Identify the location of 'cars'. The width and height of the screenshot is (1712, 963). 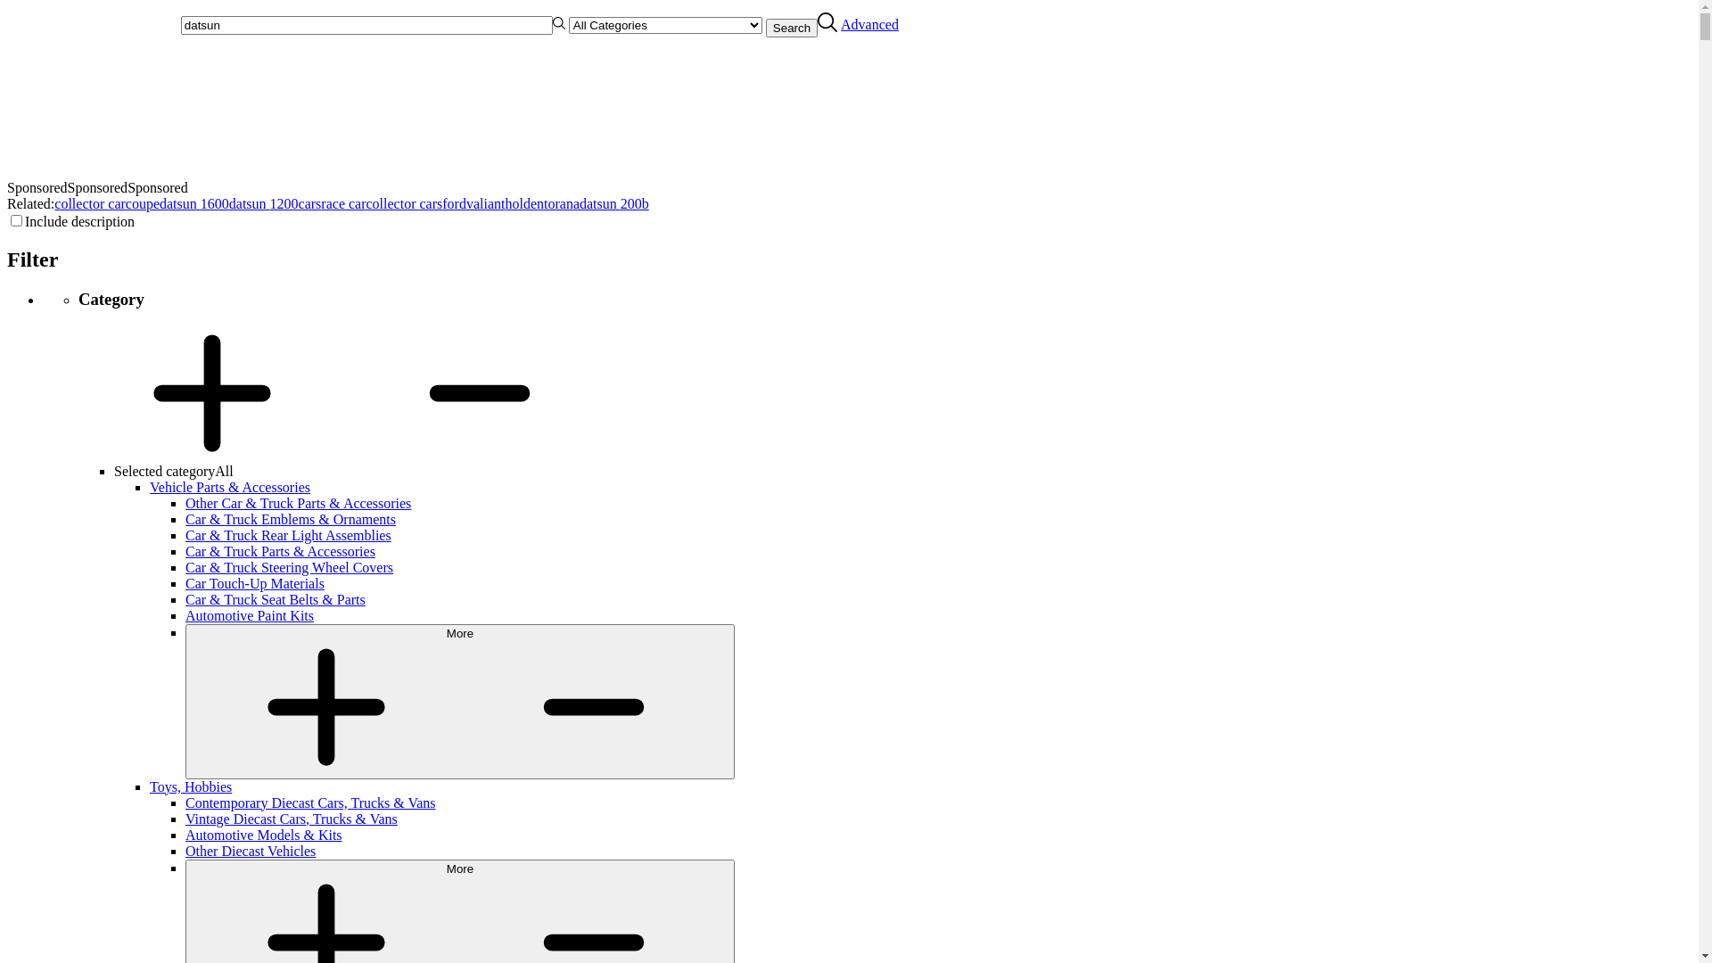
(309, 202).